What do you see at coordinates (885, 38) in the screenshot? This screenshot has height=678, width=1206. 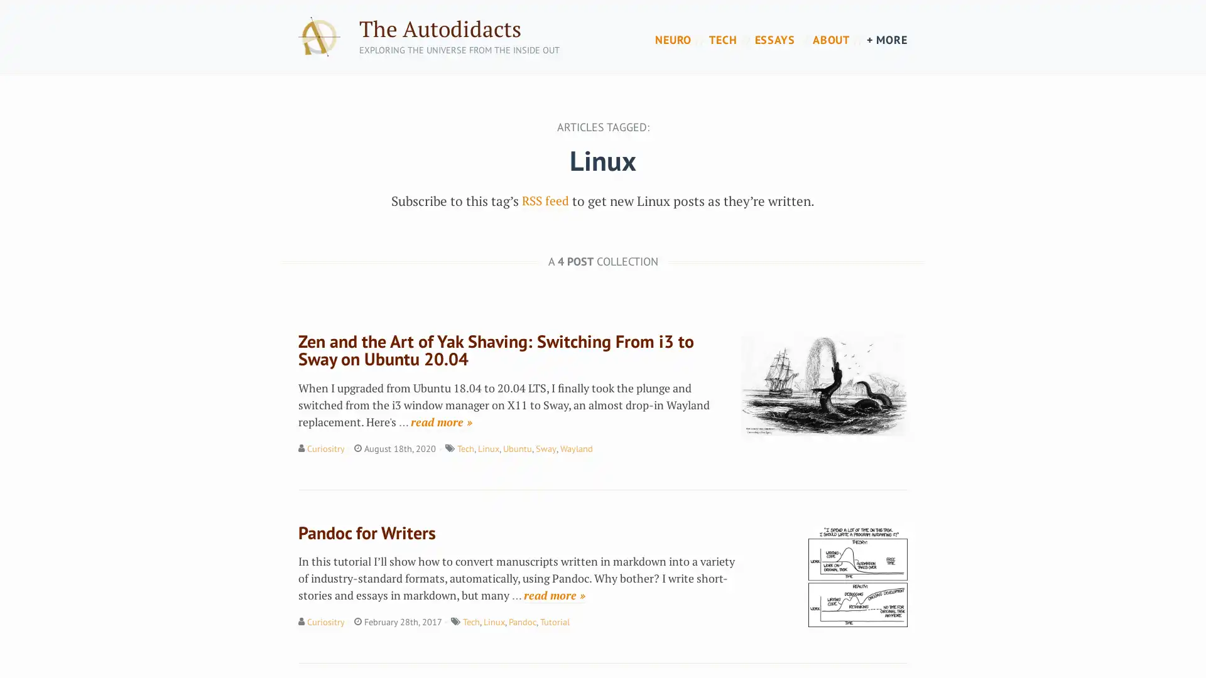 I see `+ MORE` at bounding box center [885, 38].